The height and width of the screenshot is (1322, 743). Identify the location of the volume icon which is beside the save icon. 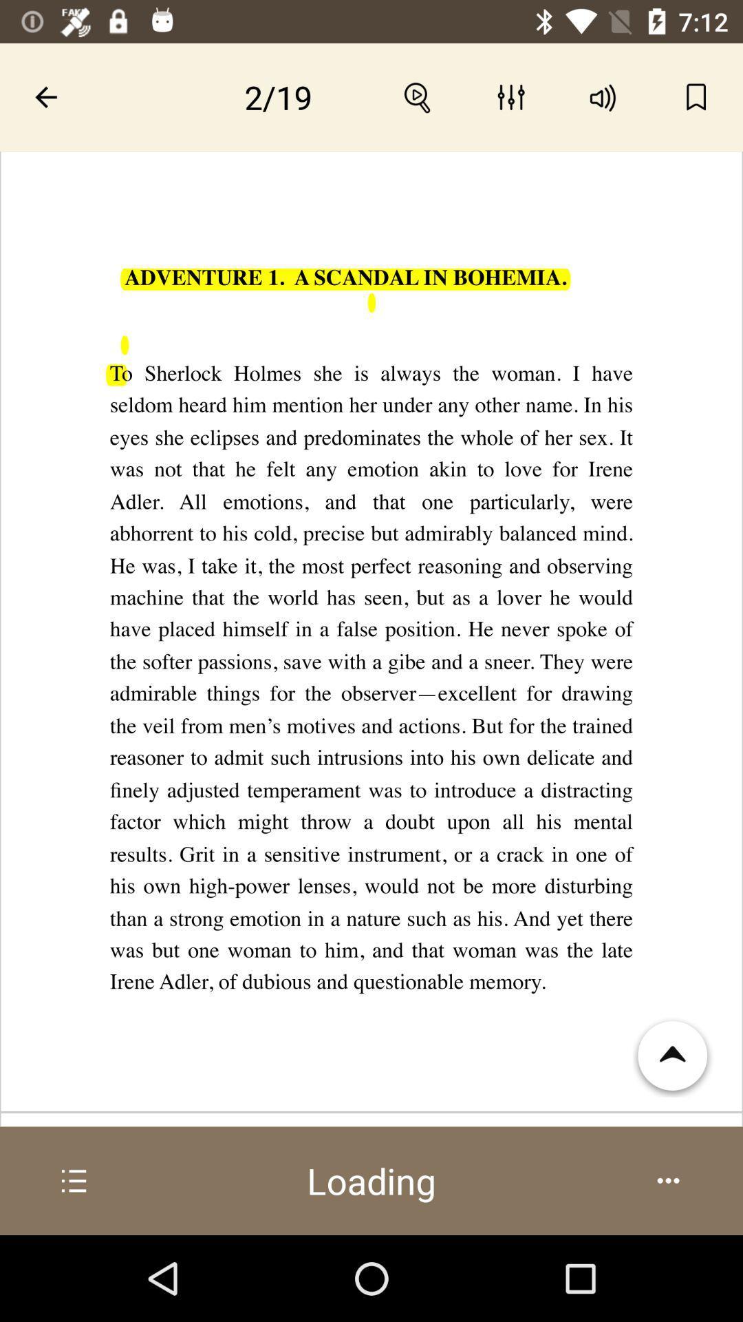
(603, 96).